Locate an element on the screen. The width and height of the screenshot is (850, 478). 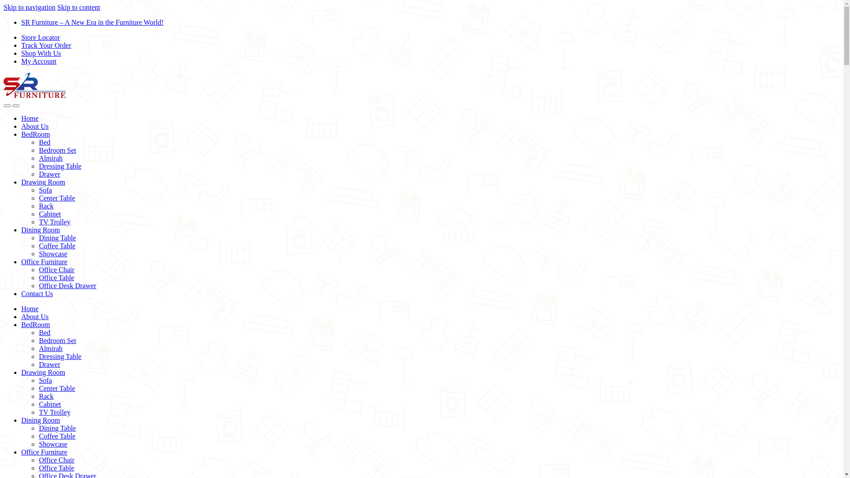
'Drawing Room' is located at coordinates (21, 181).